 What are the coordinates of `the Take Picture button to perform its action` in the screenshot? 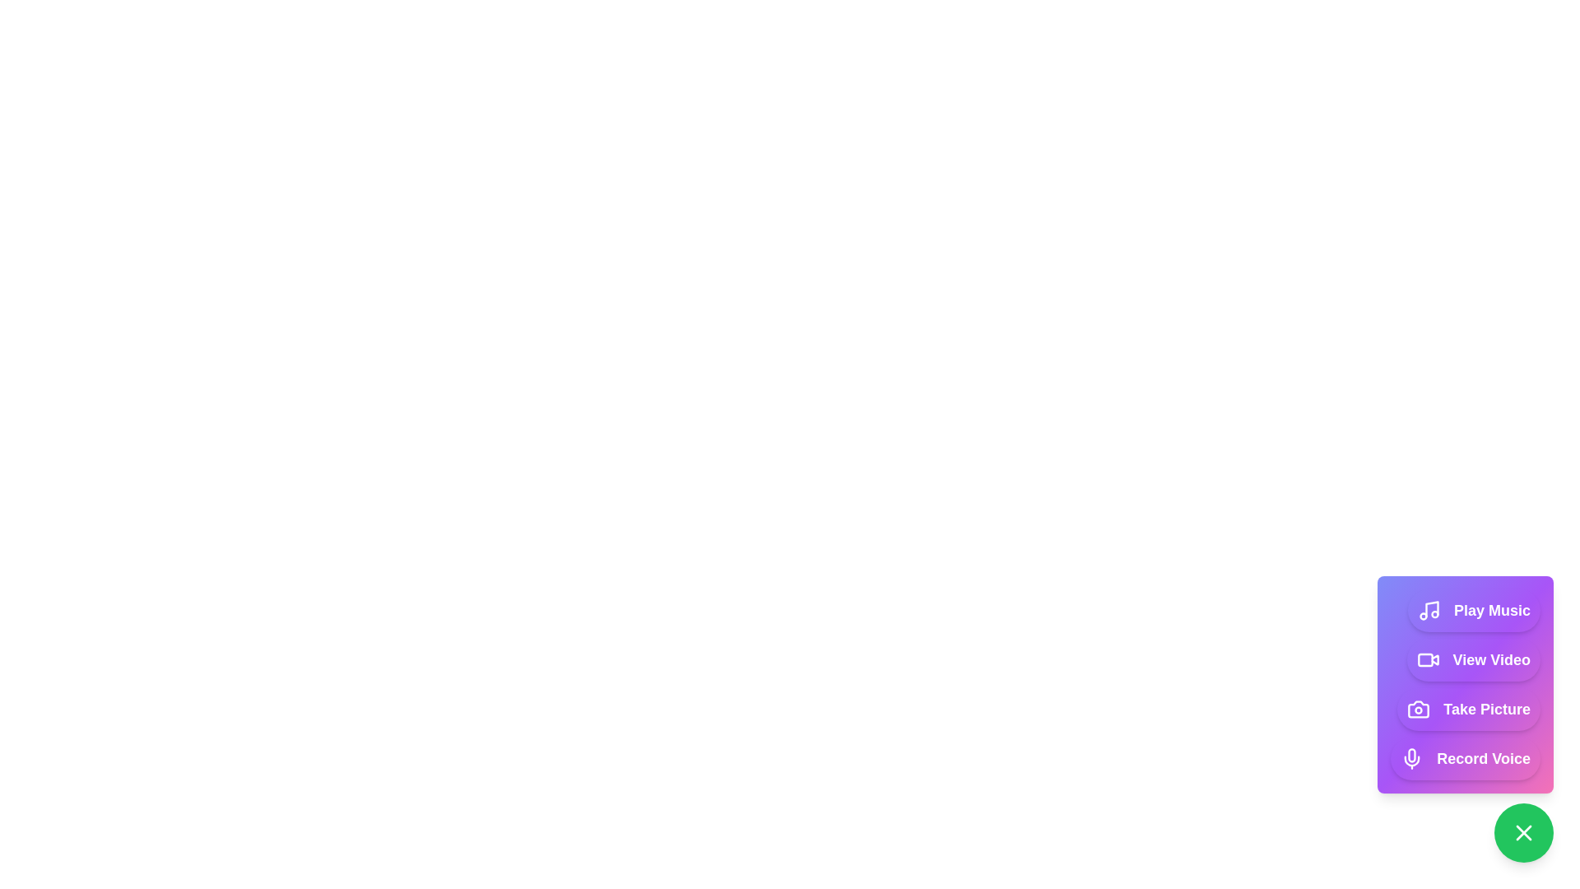 It's located at (1469, 708).